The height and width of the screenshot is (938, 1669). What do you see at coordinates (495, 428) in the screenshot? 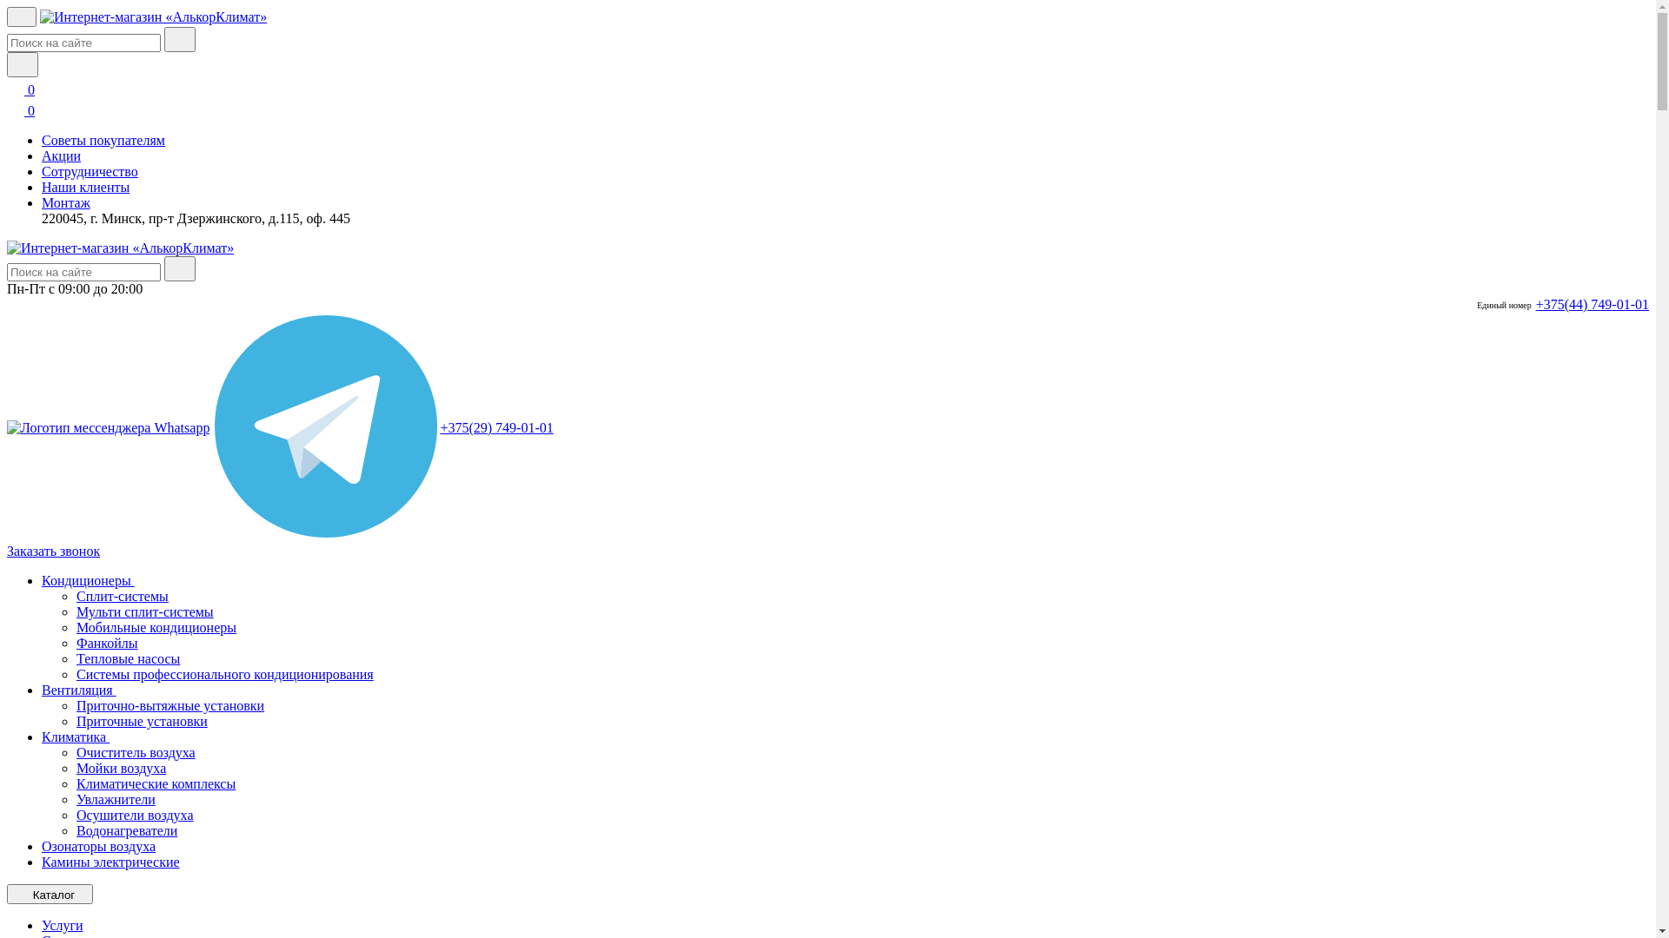
I see `'+375(29) 749-01-01'` at bounding box center [495, 428].